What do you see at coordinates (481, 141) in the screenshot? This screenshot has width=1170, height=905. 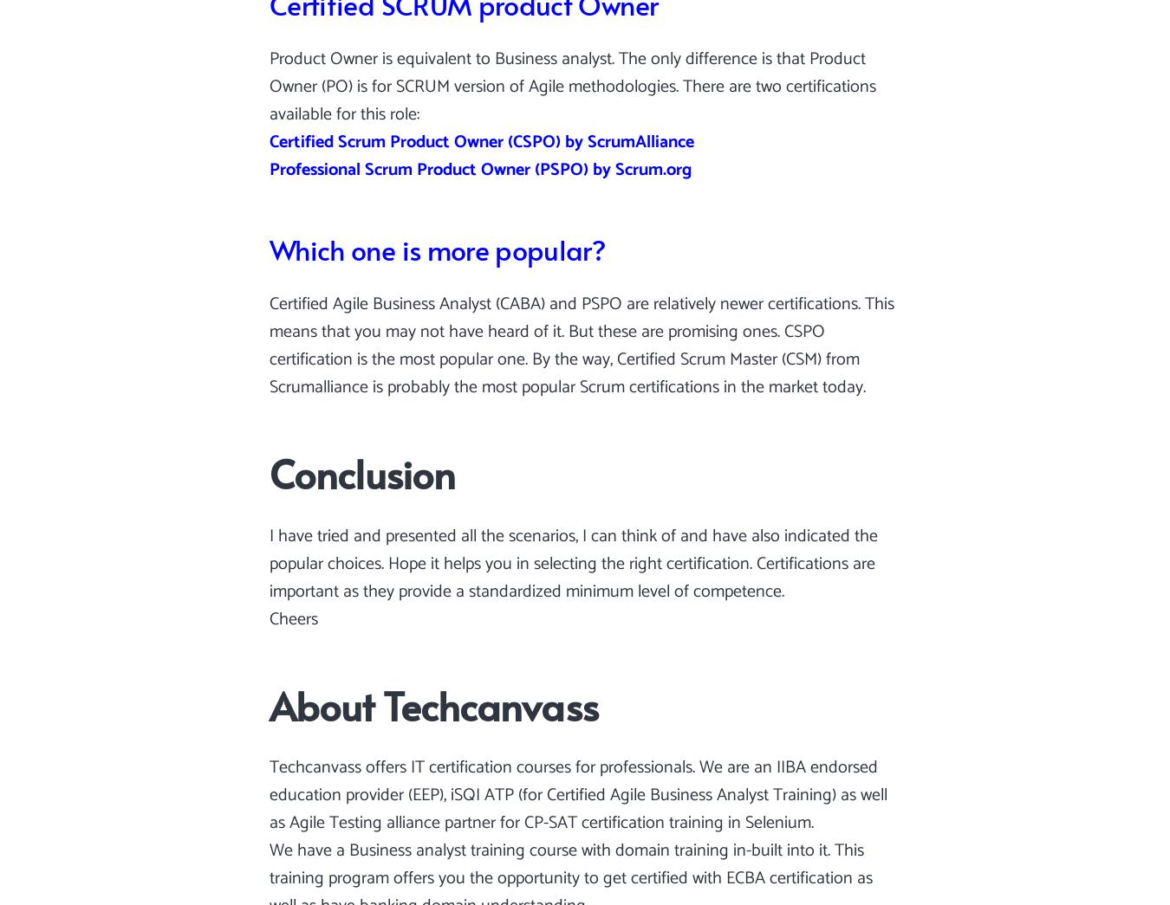 I see `'Certified Scrum Product Owner (CSPO) by ScrumAlliance'` at bounding box center [481, 141].